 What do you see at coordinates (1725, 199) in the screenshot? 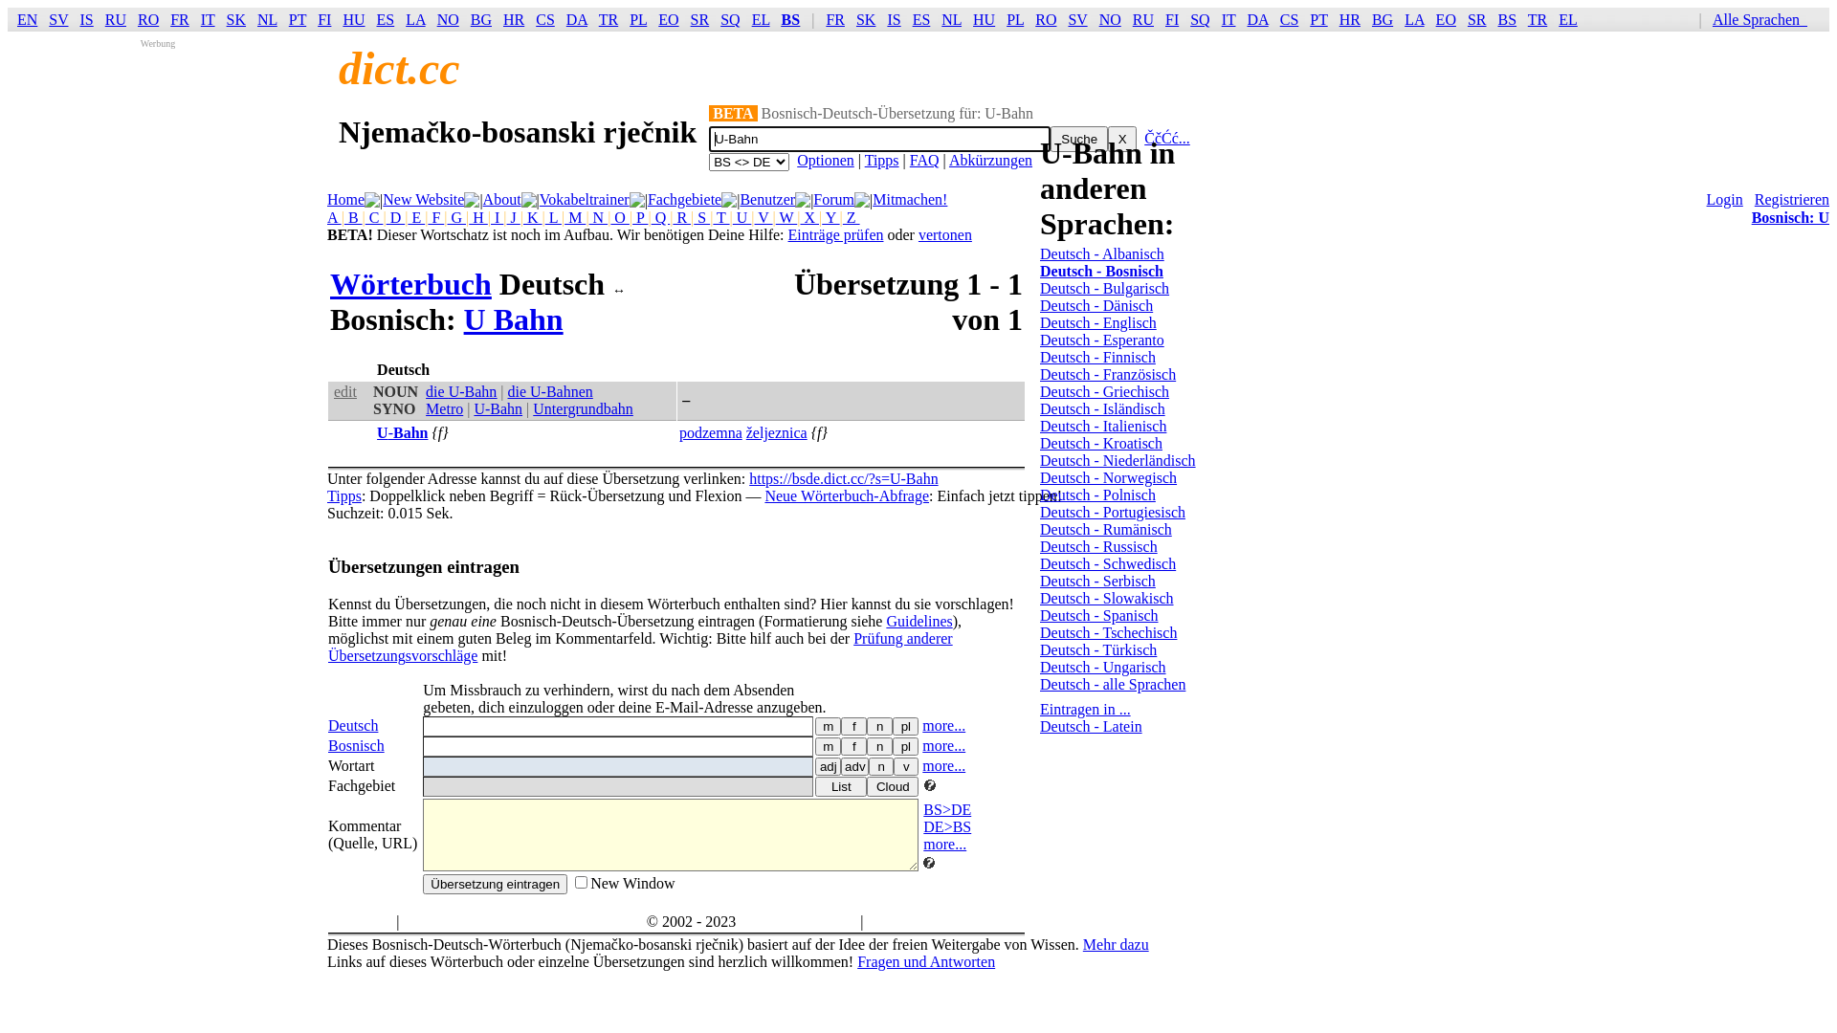
I see `'Login'` at bounding box center [1725, 199].